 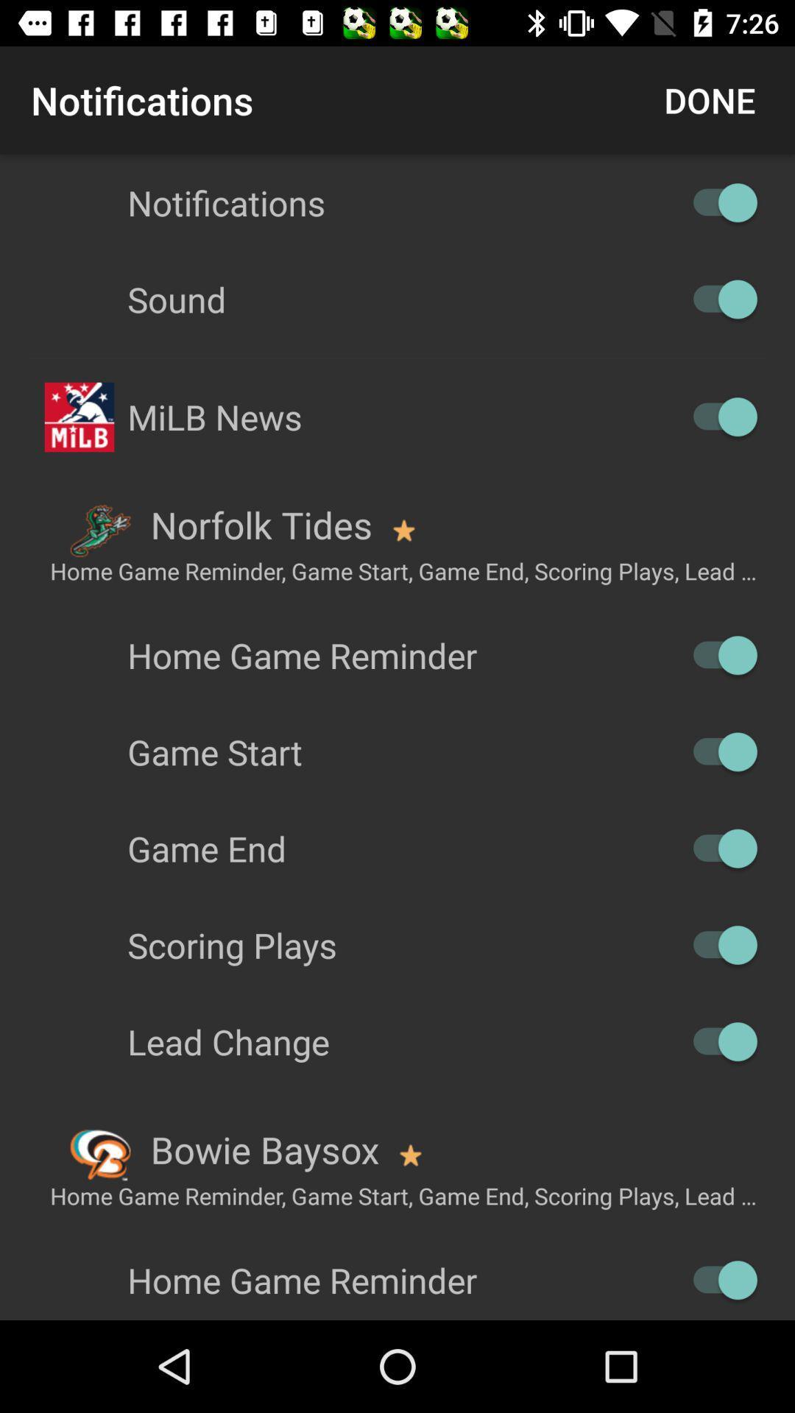 I want to click on disable home game reminder, so click(x=717, y=654).